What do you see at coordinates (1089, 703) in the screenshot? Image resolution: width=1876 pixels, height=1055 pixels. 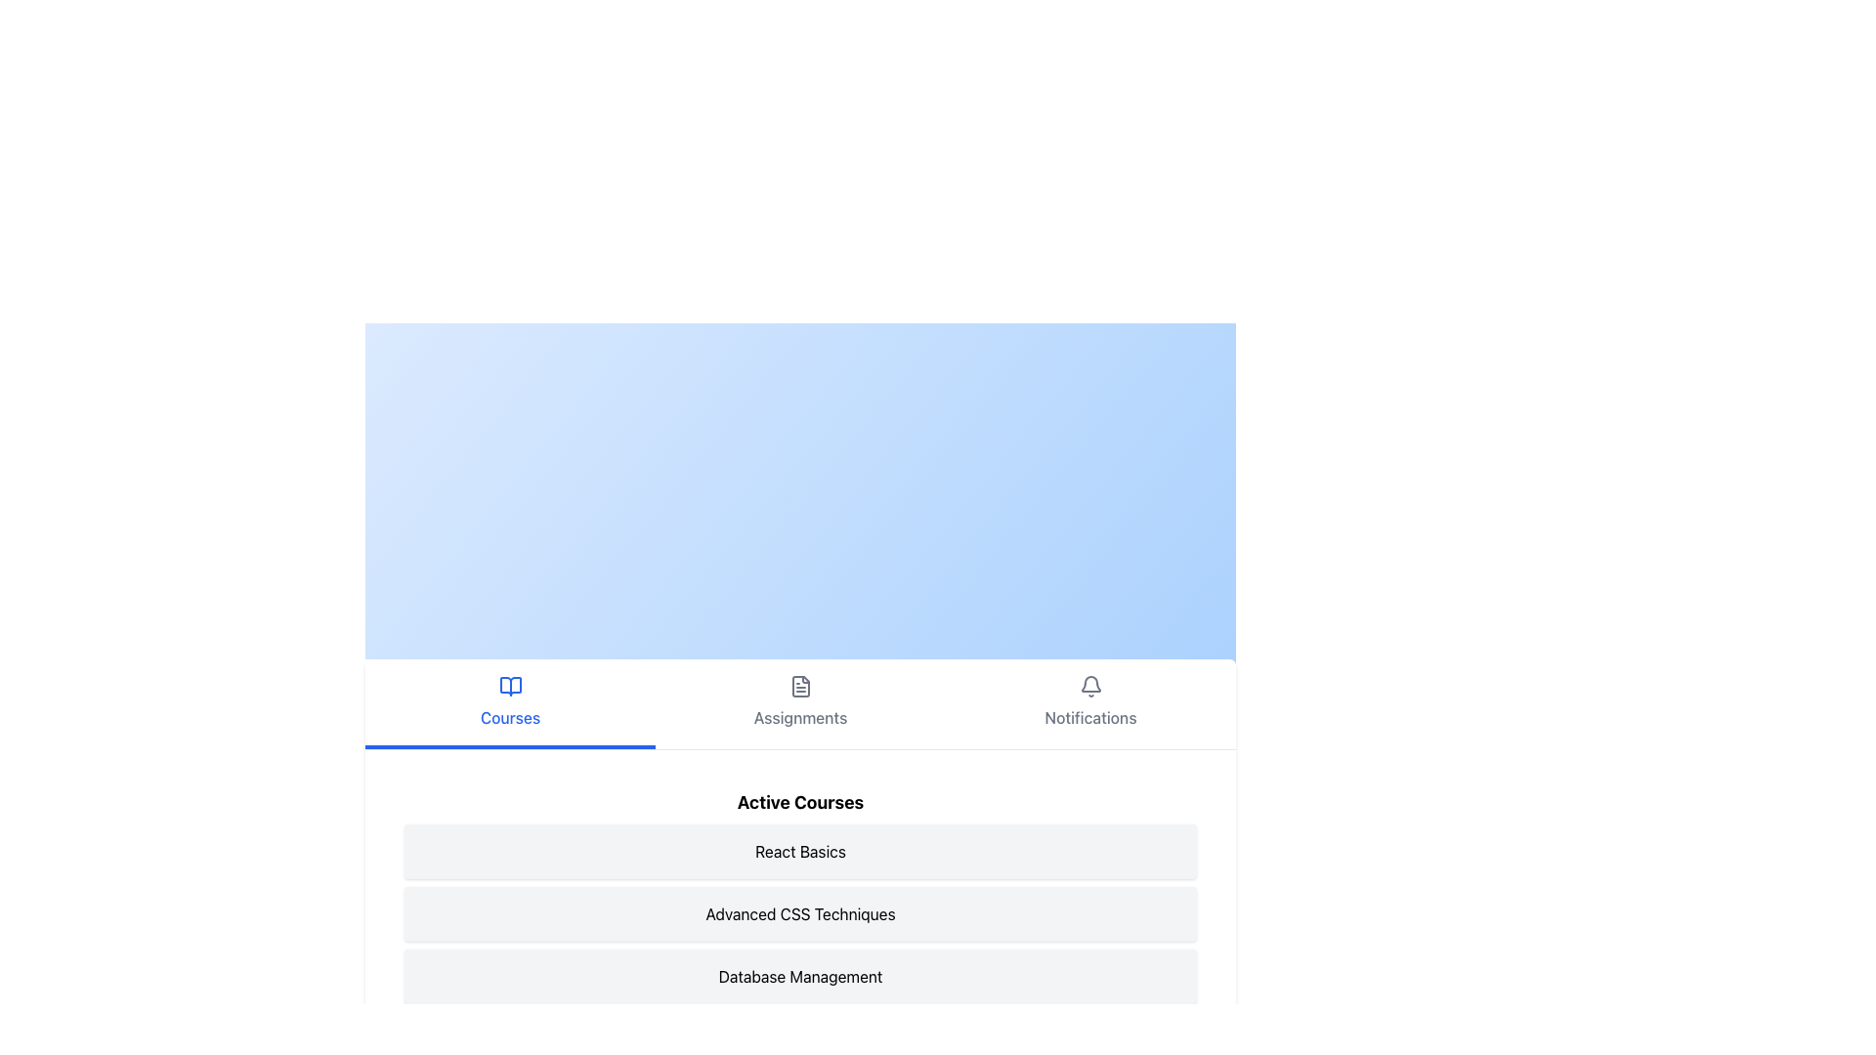 I see `the Notifications button located in the horizontal navigation bar, positioned after the Courses and Assignments buttons, to highlight it` at bounding box center [1089, 703].